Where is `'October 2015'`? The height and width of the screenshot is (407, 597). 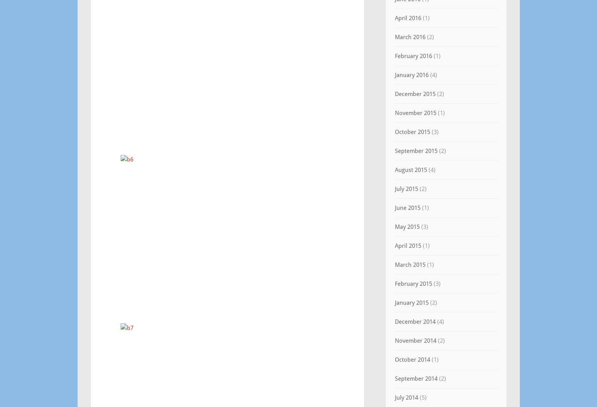
'October 2015' is located at coordinates (412, 132).